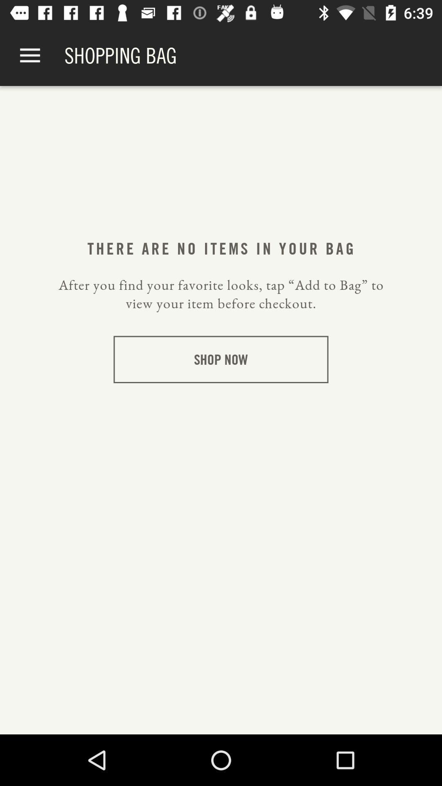 This screenshot has height=786, width=442. I want to click on the there are no, so click(220, 248).